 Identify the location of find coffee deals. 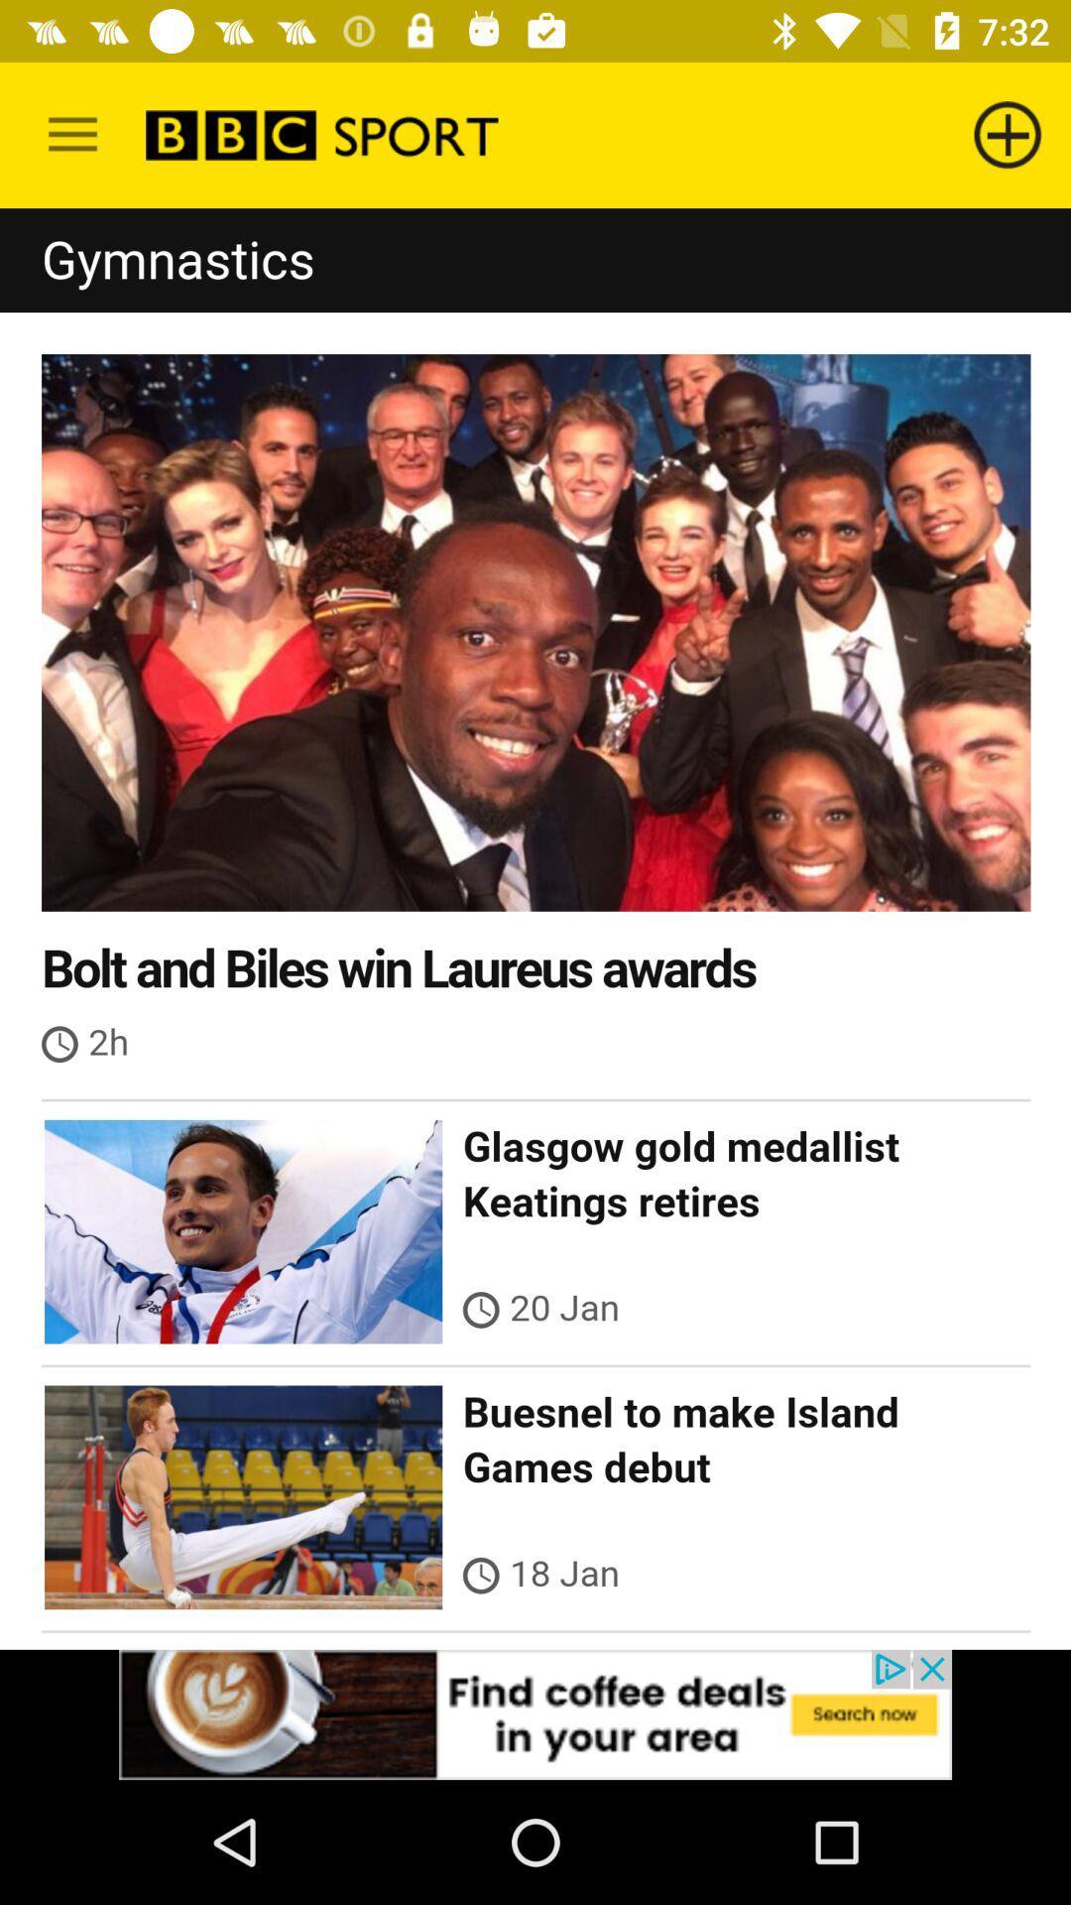
(535, 1714).